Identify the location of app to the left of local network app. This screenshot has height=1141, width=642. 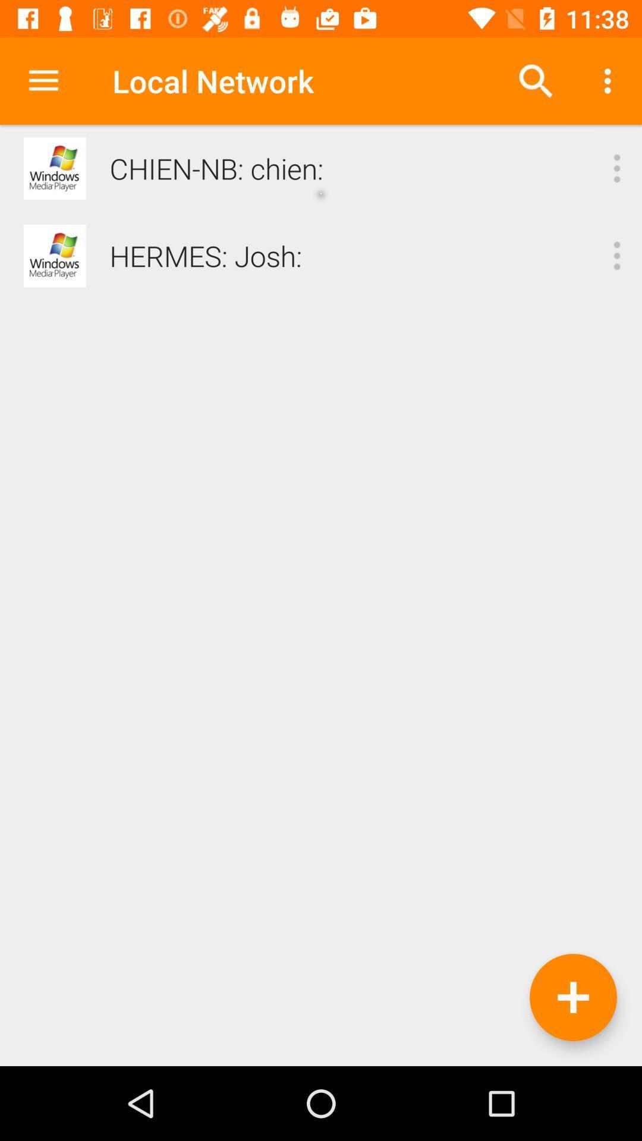
(43, 80).